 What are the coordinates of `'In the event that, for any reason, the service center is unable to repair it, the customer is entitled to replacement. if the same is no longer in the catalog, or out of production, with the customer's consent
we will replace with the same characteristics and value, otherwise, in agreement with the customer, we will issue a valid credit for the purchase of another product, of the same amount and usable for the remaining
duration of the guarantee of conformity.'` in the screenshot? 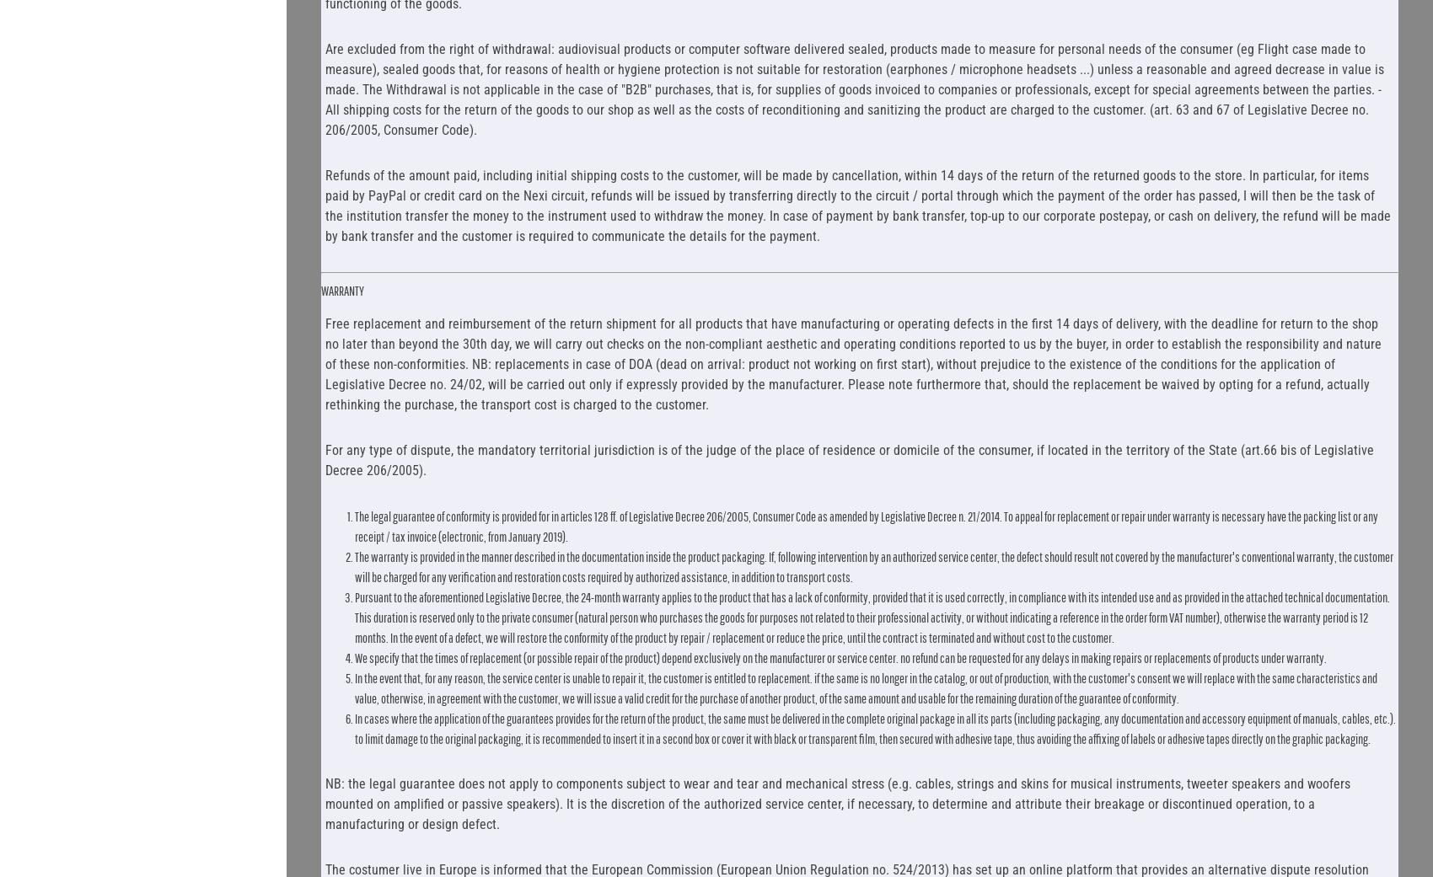 It's located at (864, 687).